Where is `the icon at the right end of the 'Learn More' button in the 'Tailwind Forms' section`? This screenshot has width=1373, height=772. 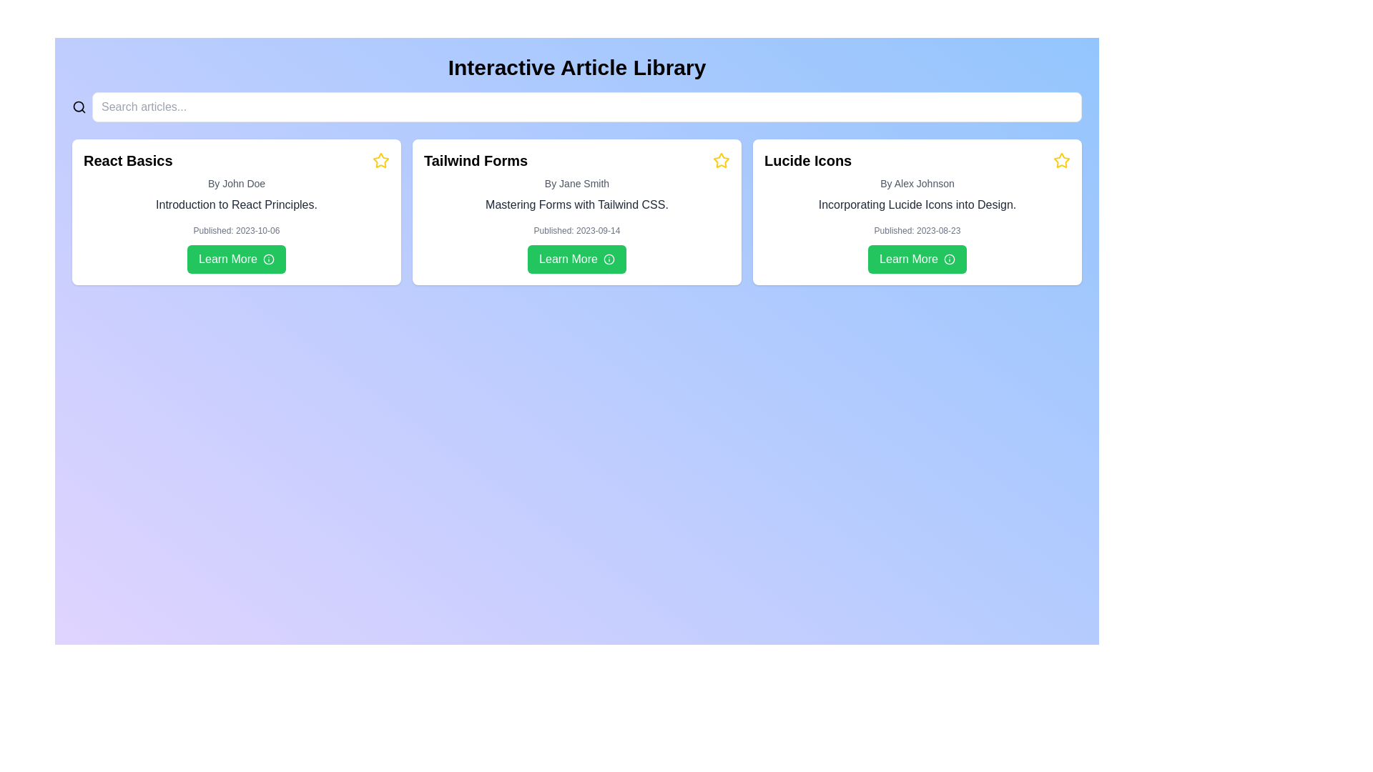
the icon at the right end of the 'Learn More' button in the 'Tailwind Forms' section is located at coordinates (609, 259).